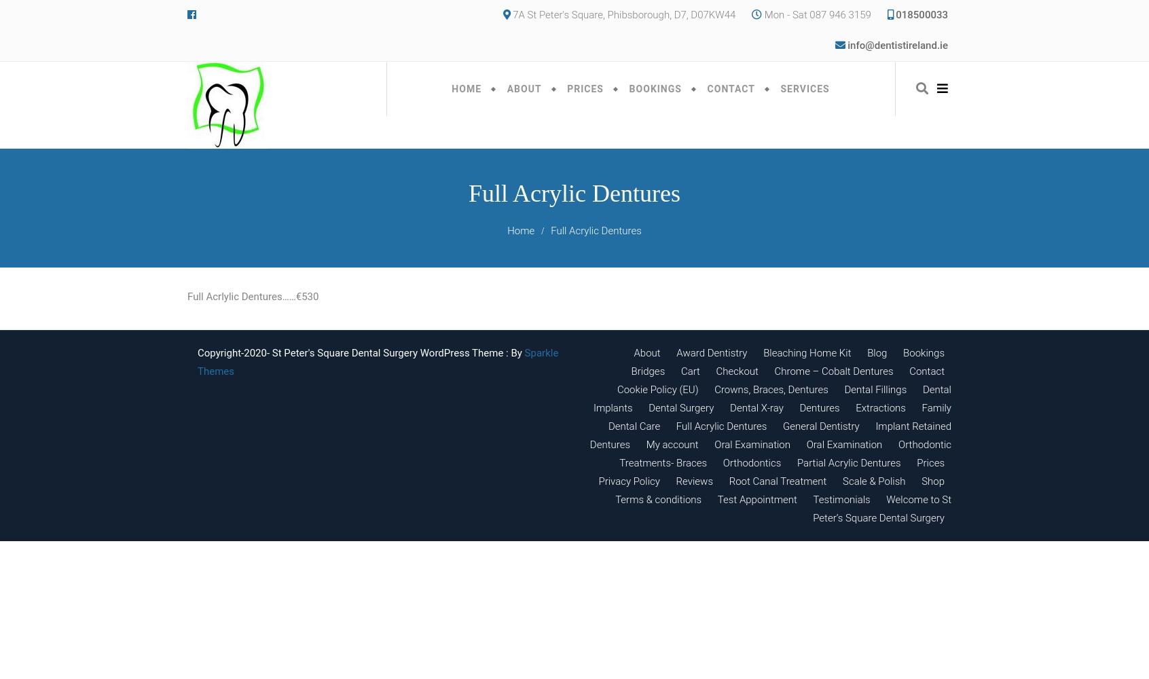 The height and width of the screenshot is (679, 1149). What do you see at coordinates (361, 353) in the screenshot?
I see `'Copyright-2020- St Peter's Square Dental Surgery WordPress Theme : By'` at bounding box center [361, 353].